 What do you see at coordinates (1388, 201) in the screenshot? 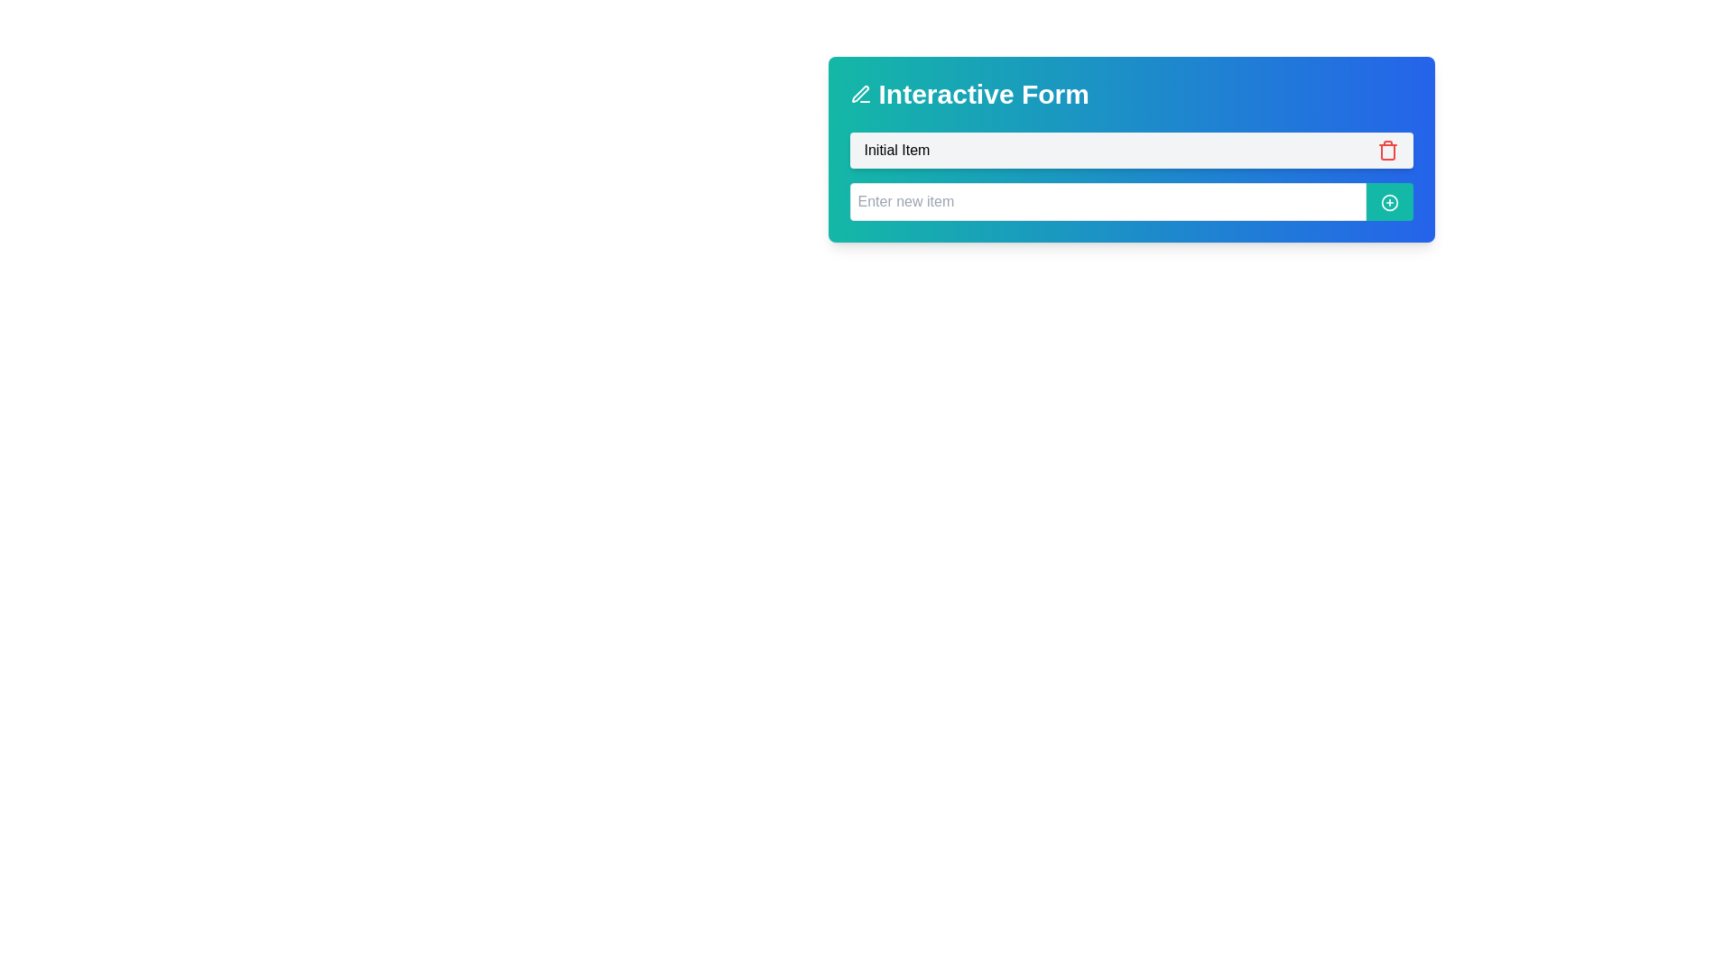
I see `the button located at the right end of the second text input field` at bounding box center [1388, 201].